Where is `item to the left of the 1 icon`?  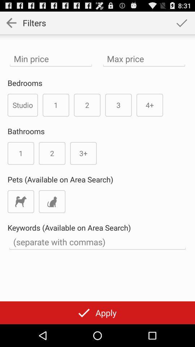 item to the left of the 1 icon is located at coordinates (23, 104).